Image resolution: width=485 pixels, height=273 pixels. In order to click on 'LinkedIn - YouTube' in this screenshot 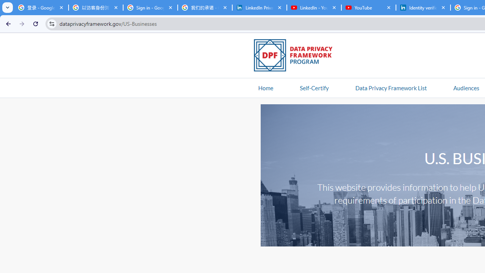, I will do `click(314, 8)`.